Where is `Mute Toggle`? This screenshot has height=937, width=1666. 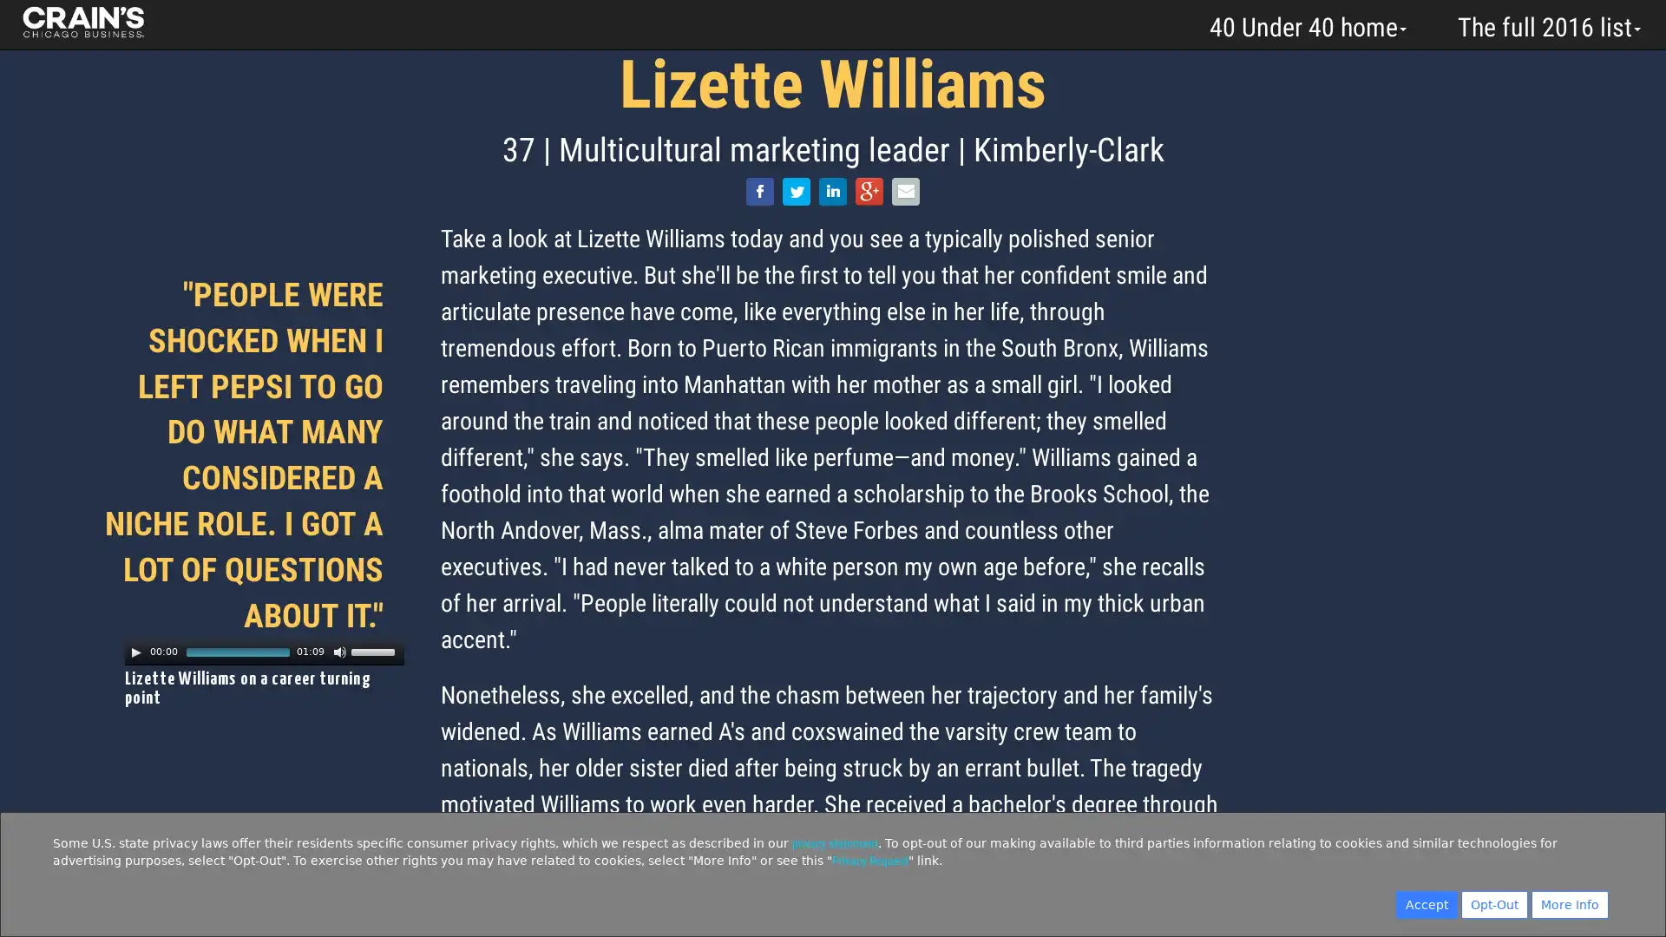
Mute Toggle is located at coordinates (340, 652).